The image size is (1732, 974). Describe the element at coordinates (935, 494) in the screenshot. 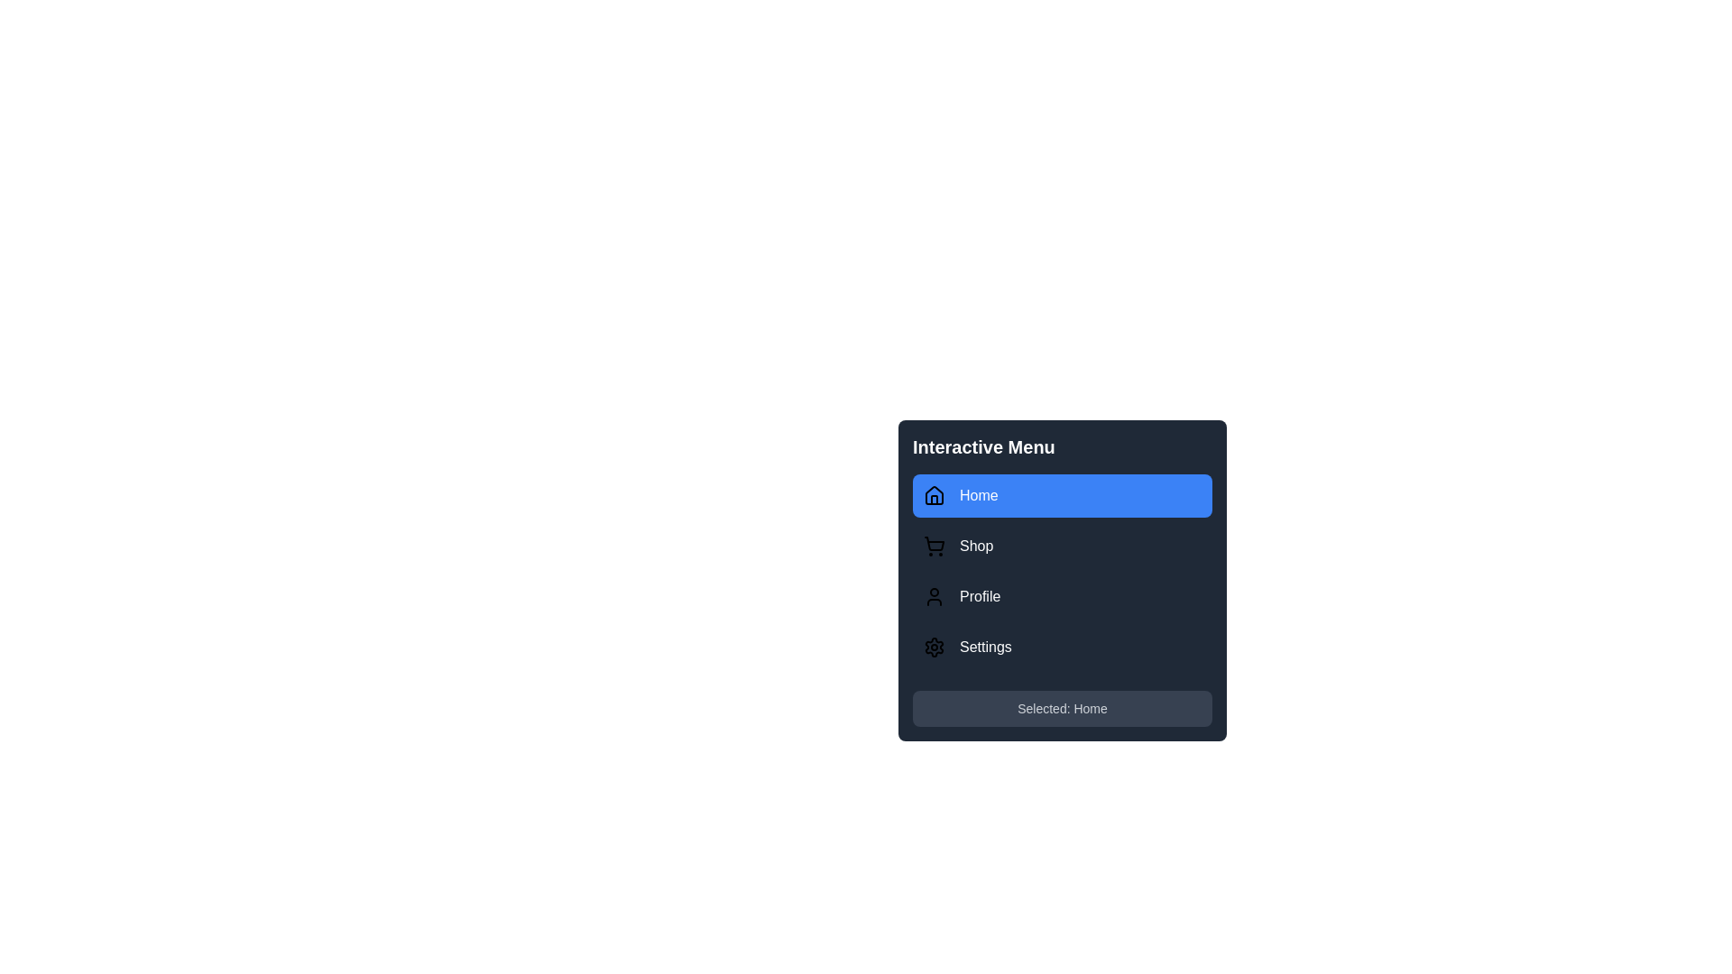

I see `the minimalistic house-shaped SVG icon located in the navigation menu, positioned left of the 'Home' text label` at that location.